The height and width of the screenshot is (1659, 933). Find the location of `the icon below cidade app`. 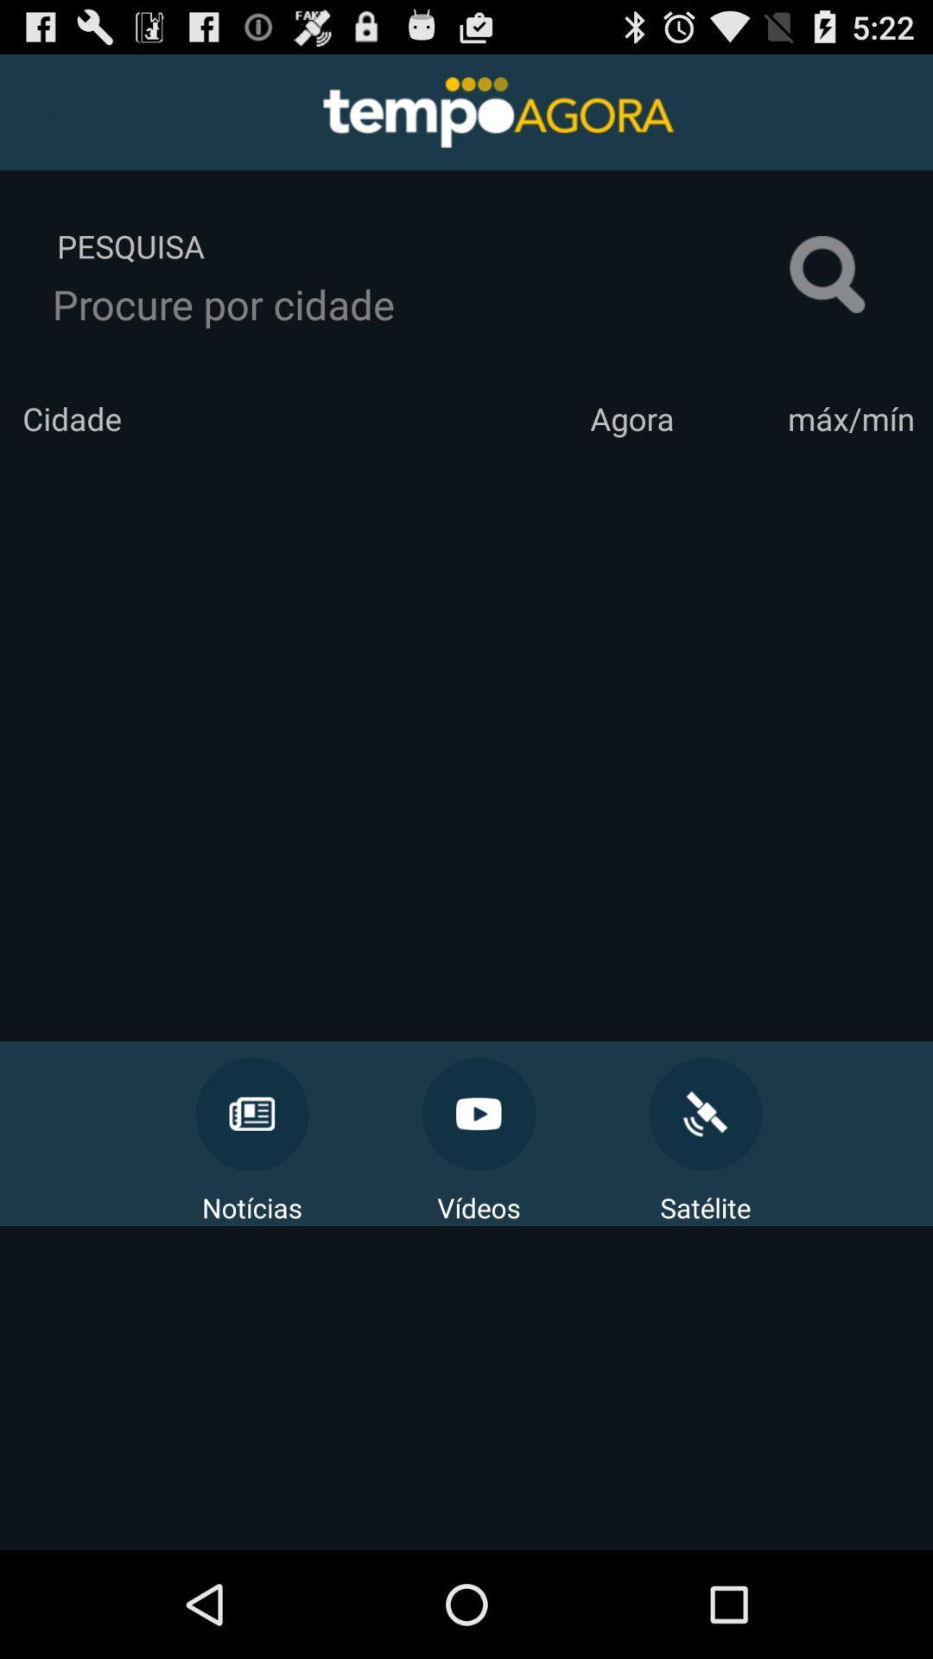

the icon below cidade app is located at coordinates (466, 741).